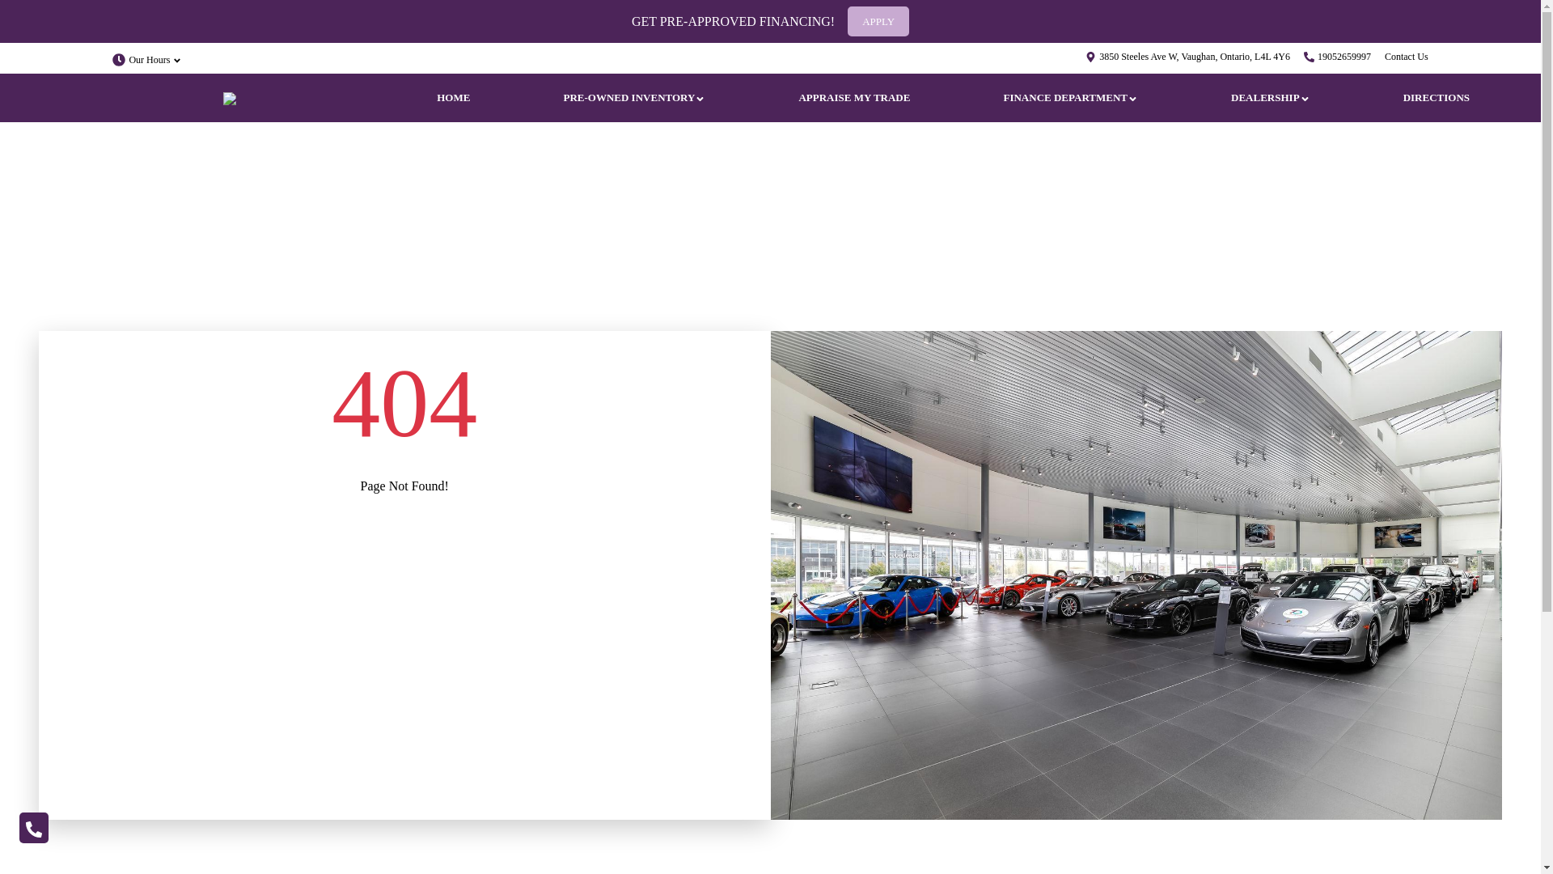 This screenshot has width=1553, height=874. I want to click on '3850 Steeles Ave W, Vaughan, Ontario, L4L 4Y6', so click(1195, 55).